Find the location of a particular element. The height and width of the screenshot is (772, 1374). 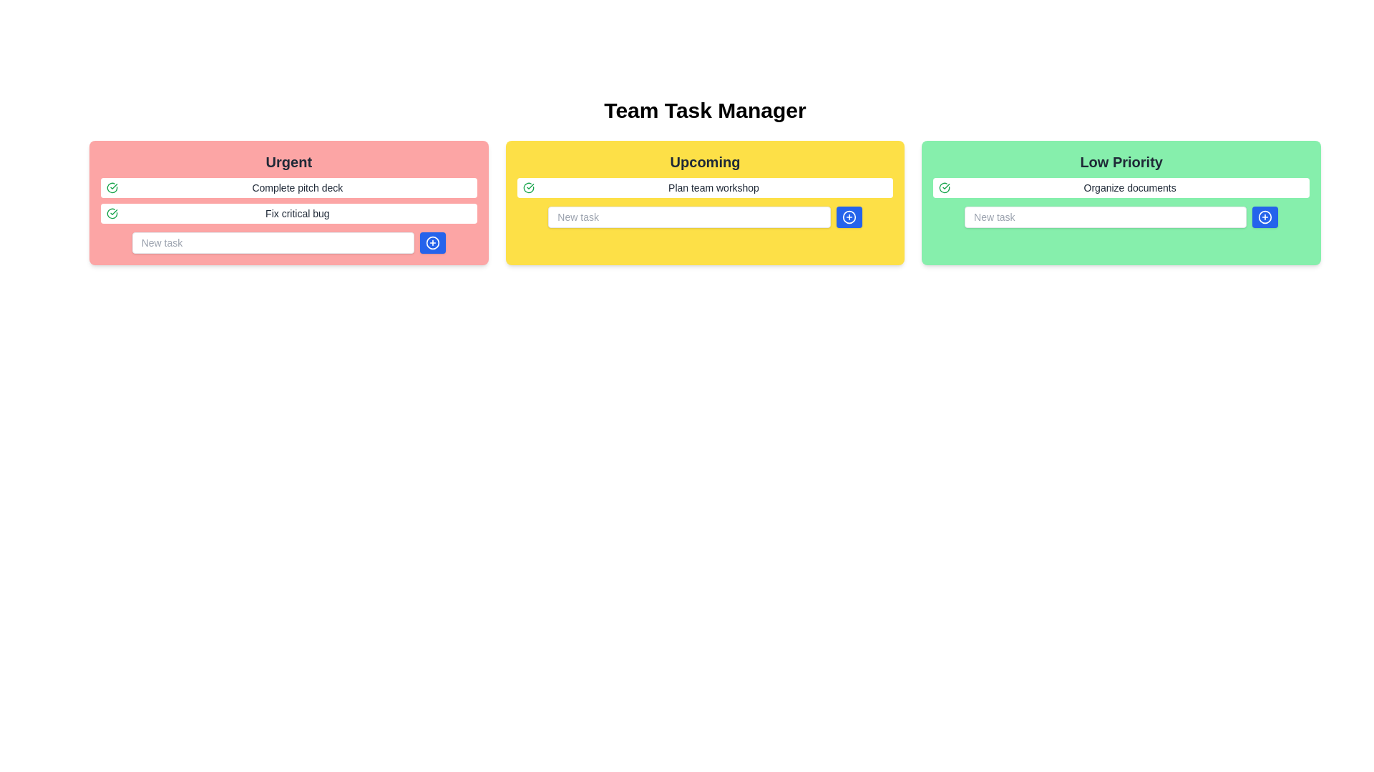

the completion indicator icon located on the left side of the 'Low Priority' task group, adjacent to the text 'Organize documents', to confirm task completion is located at coordinates (945, 187).